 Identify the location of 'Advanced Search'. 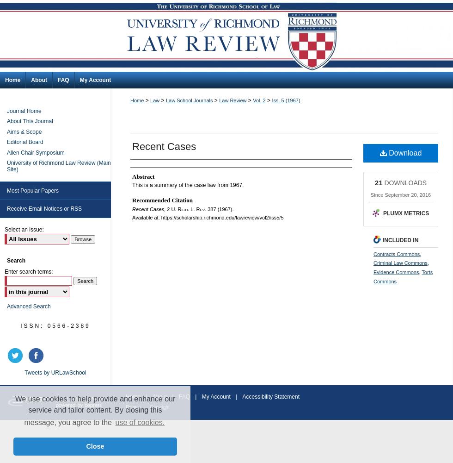
(28, 306).